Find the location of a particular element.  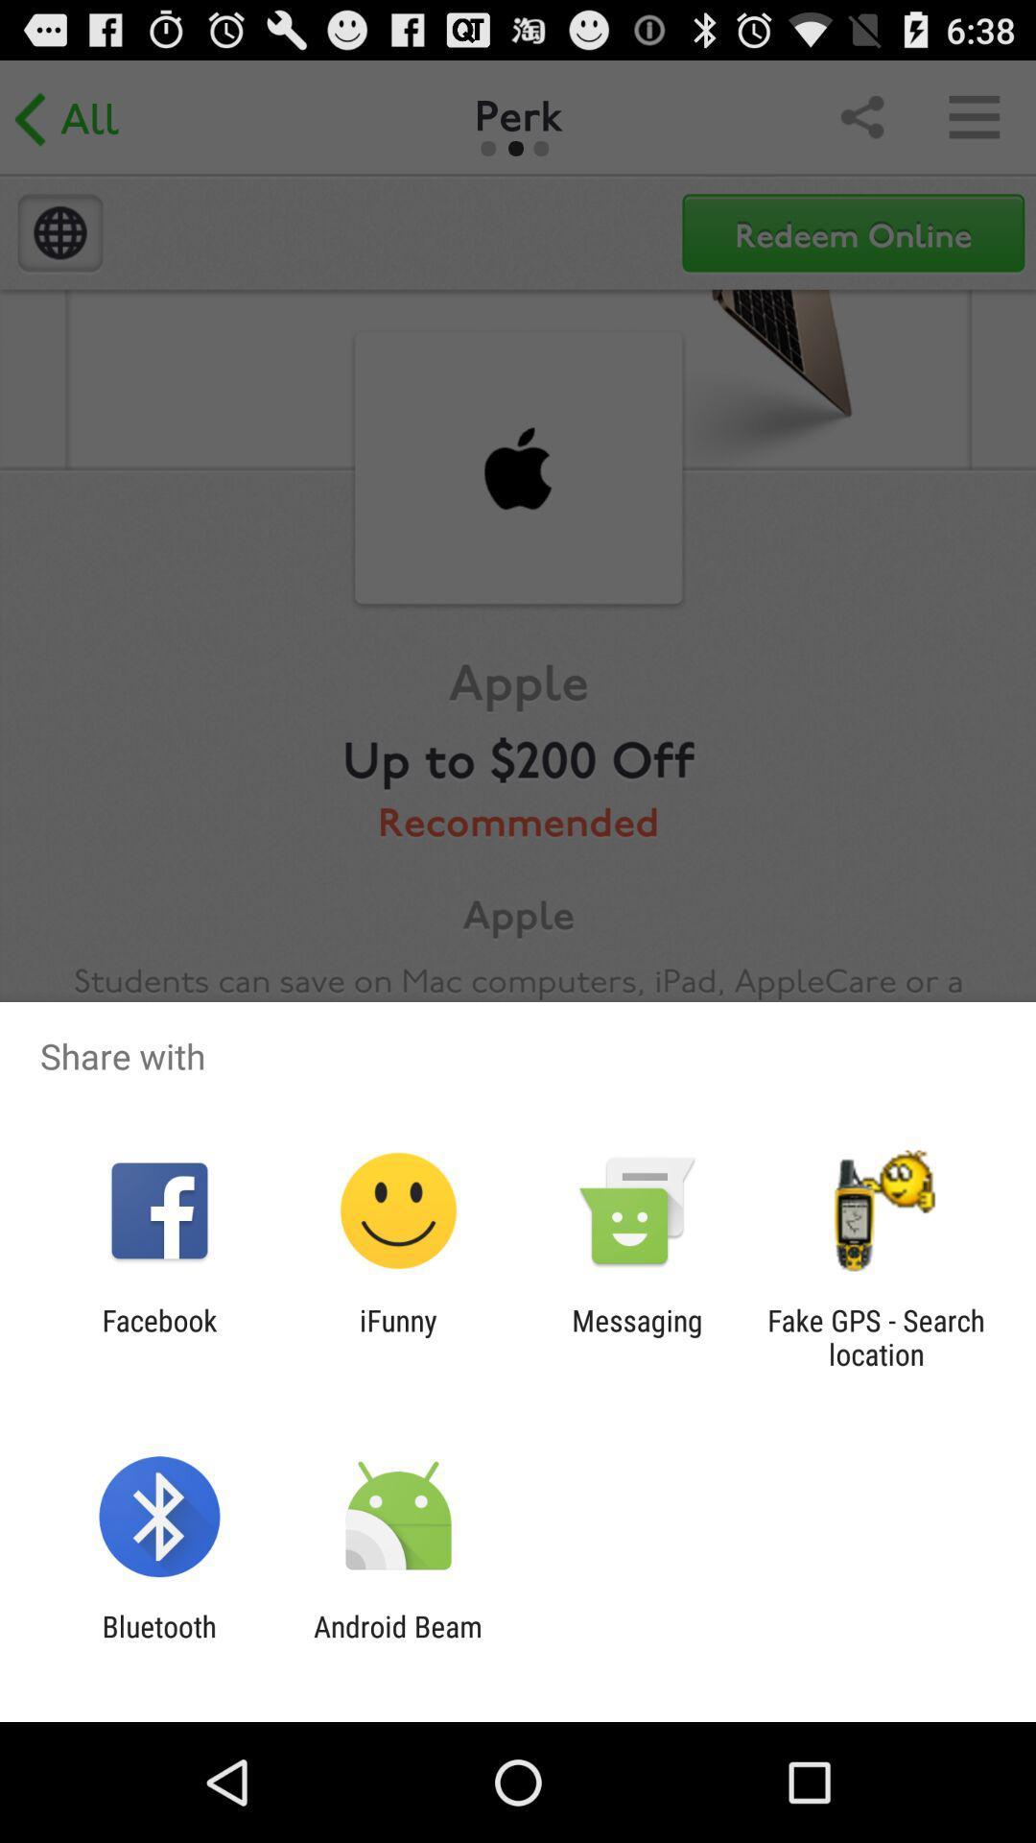

the messaging is located at coordinates (637, 1336).